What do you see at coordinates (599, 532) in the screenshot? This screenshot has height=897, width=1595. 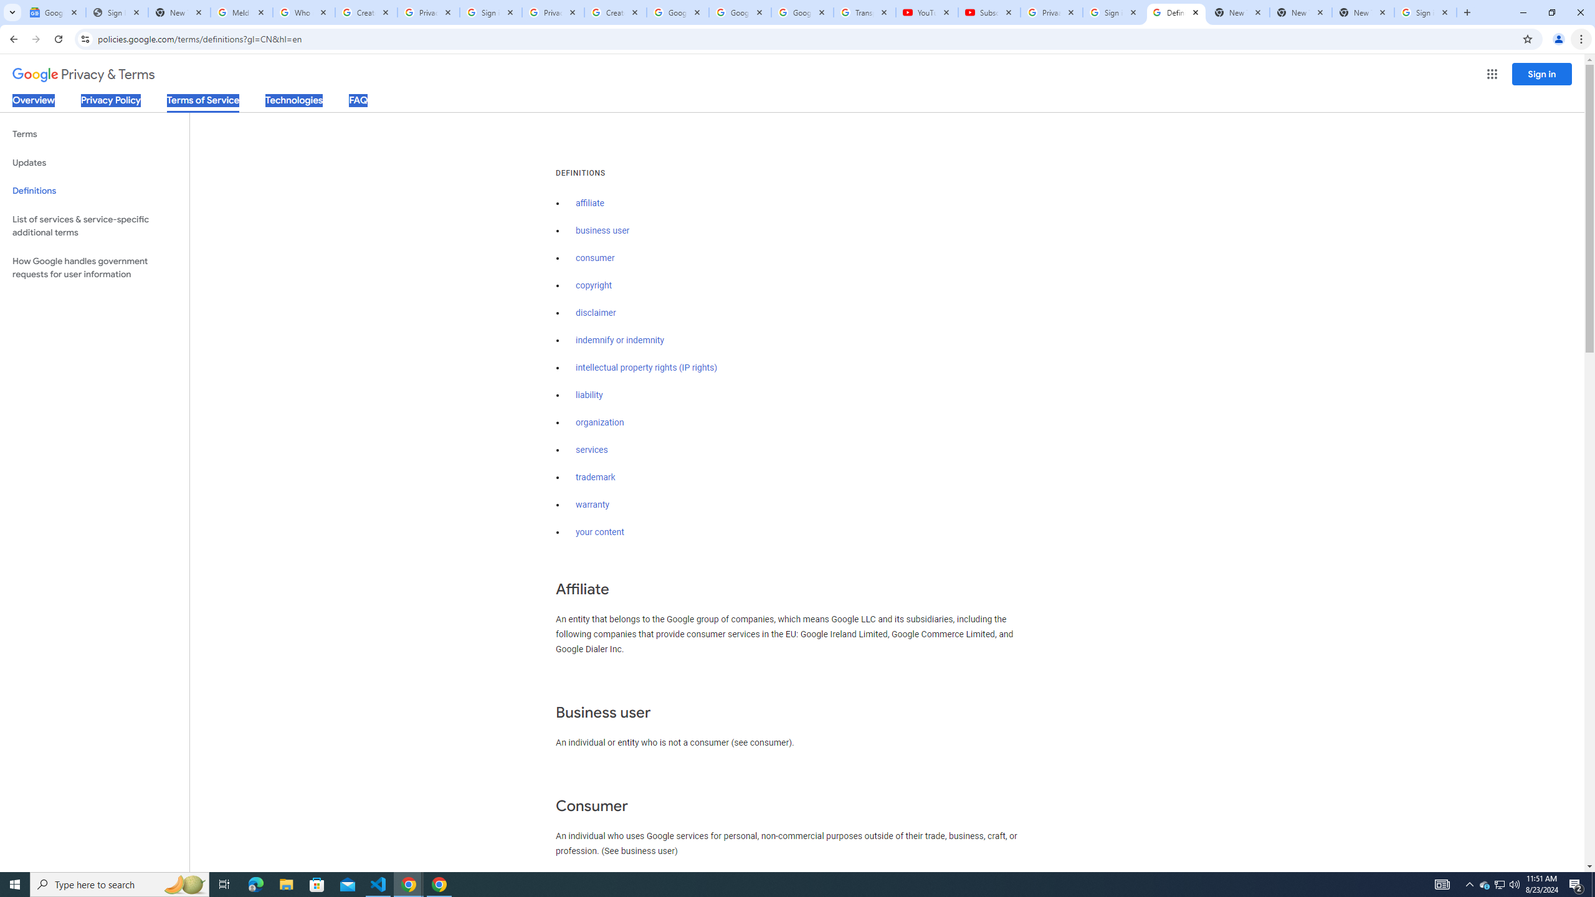 I see `'your content'` at bounding box center [599, 532].